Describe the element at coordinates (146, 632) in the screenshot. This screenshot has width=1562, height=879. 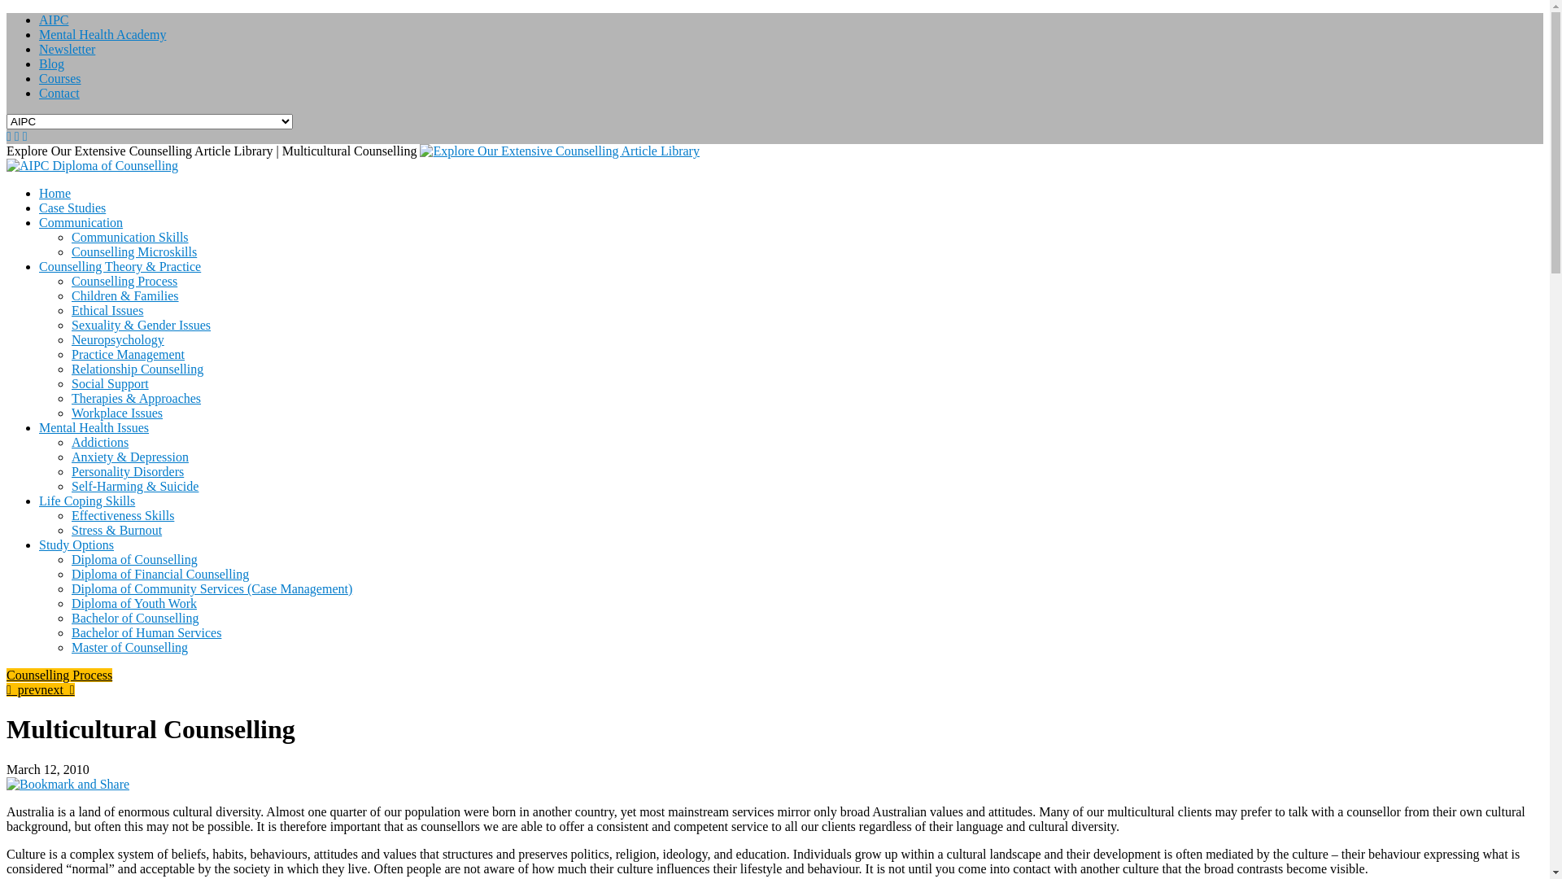
I see `'Bachelor of Human Services'` at that location.